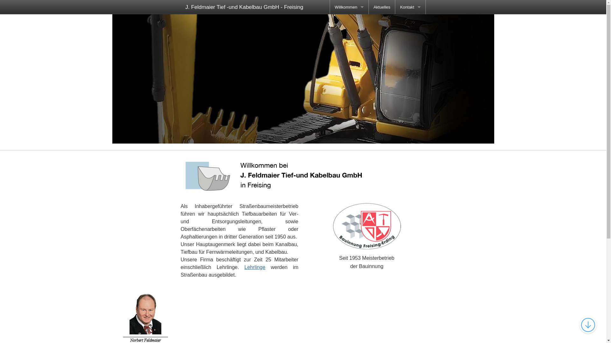  I want to click on 'Aktuelles', so click(382, 7).